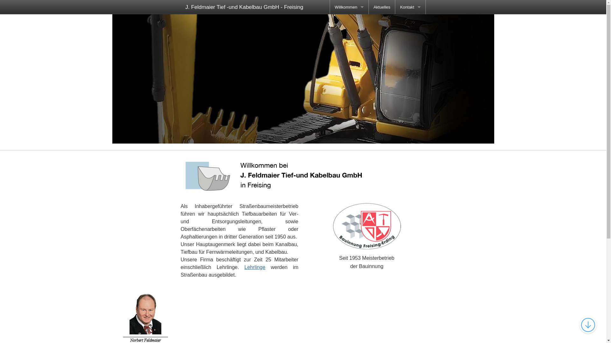  I want to click on 'Aktuelles', so click(382, 7).